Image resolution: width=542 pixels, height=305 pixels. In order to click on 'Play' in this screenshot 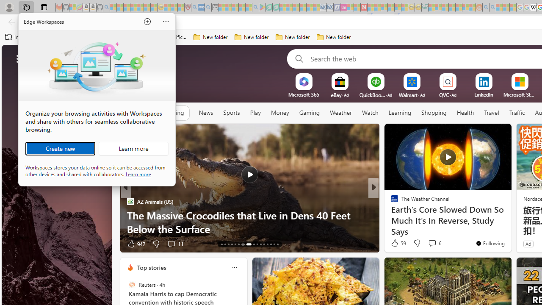, I will do `click(255, 113)`.